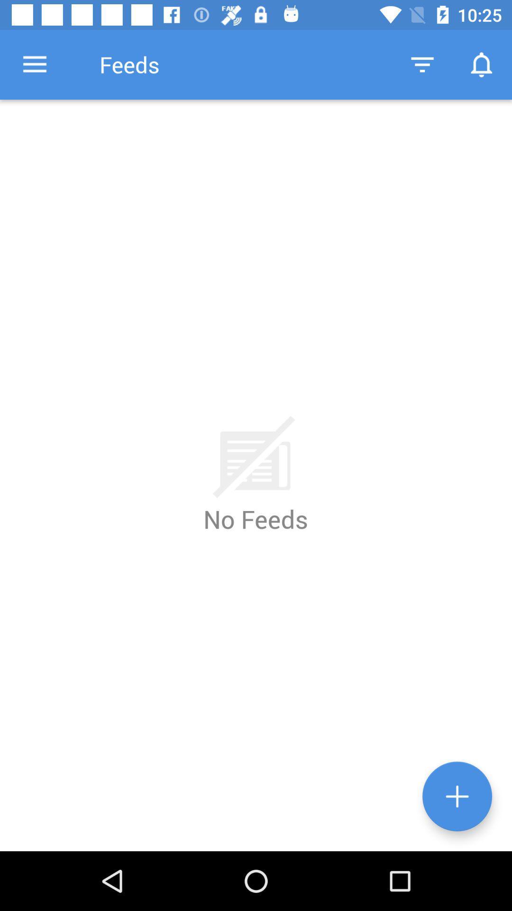 This screenshot has height=911, width=512. I want to click on feeds, so click(457, 796).